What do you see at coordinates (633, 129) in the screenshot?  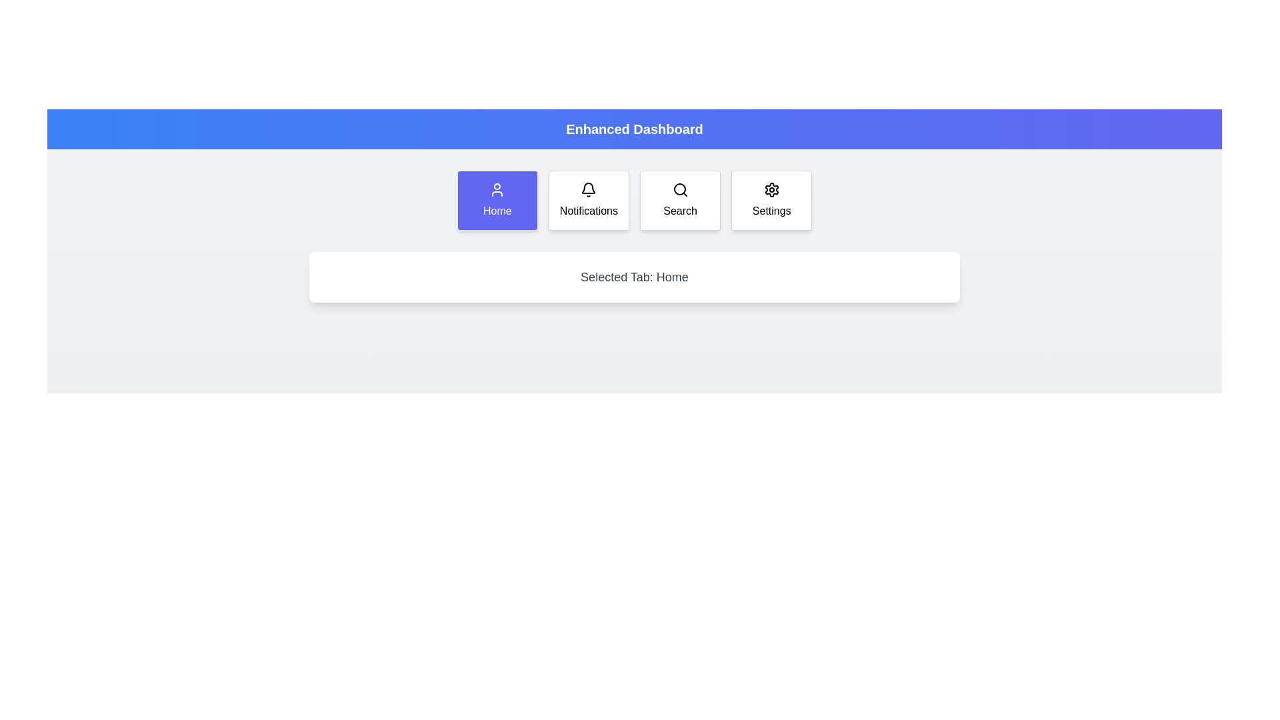 I see `the header bar displaying 'Enhanced Dashboard', which is the branding area at the top of the application` at bounding box center [633, 129].